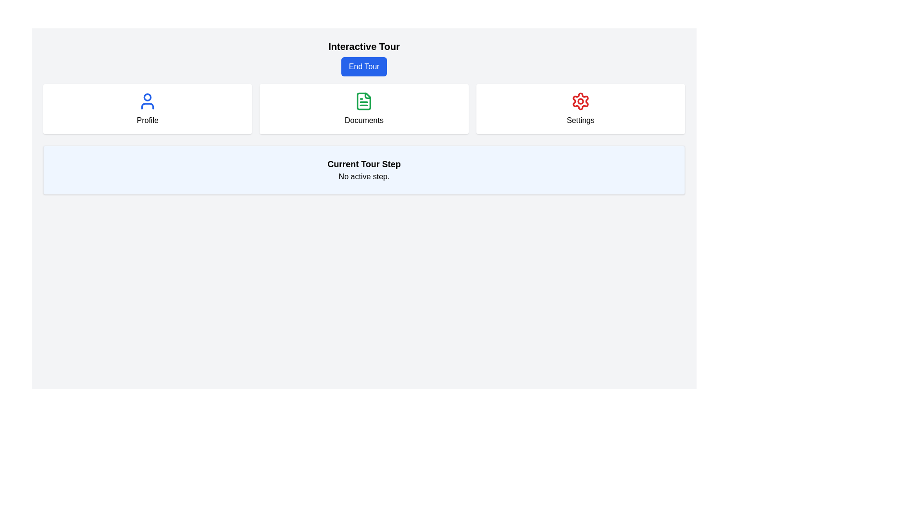 The height and width of the screenshot is (519, 923). I want to click on the 'Documents' card/button, which features a green document icon and is located in the middle of the grid layout between 'Profile' and 'Settings', so click(363, 109).